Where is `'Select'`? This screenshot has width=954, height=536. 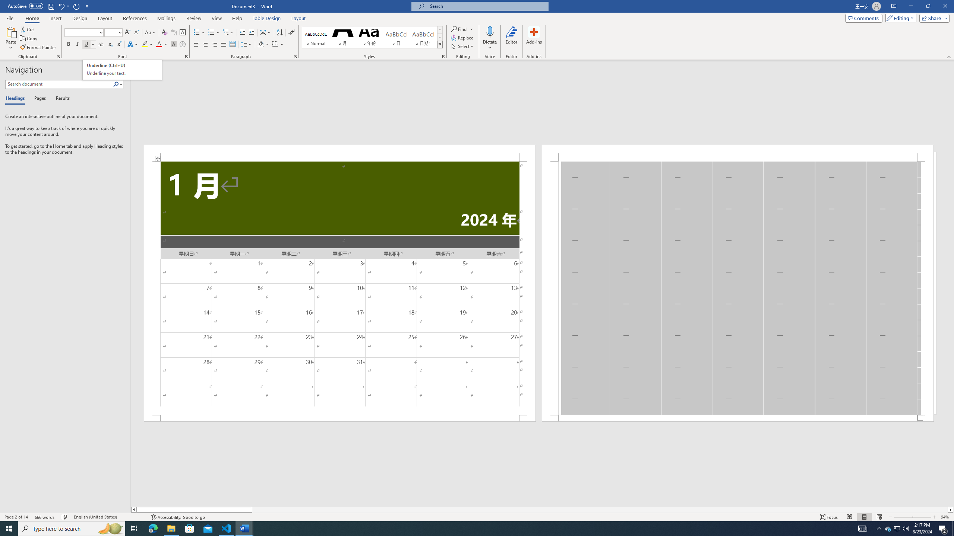
'Select' is located at coordinates (462, 45).